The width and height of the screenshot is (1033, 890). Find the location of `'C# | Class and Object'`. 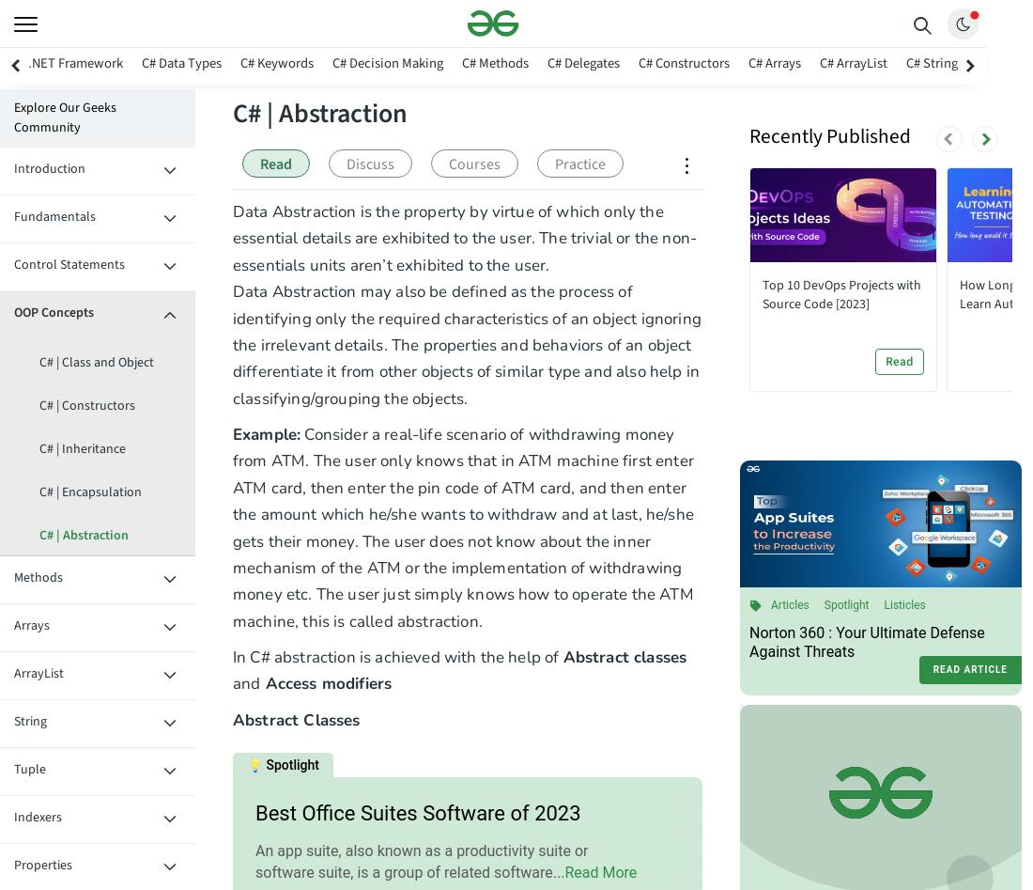

'C# | Class and Object' is located at coordinates (96, 362).